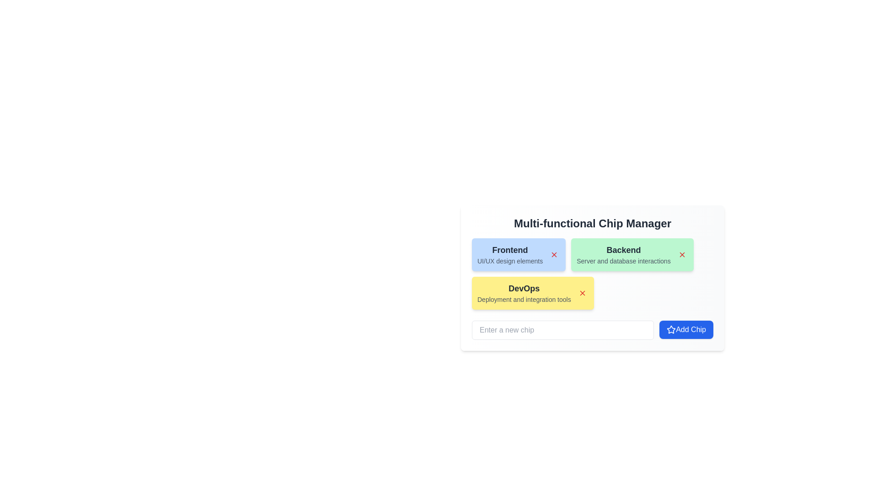 The image size is (878, 494). I want to click on the decorative icon located within the 'Add Chip' button in the bottom-right corner of the interface, situated to the left of the text 'Add Chip', so click(671, 330).